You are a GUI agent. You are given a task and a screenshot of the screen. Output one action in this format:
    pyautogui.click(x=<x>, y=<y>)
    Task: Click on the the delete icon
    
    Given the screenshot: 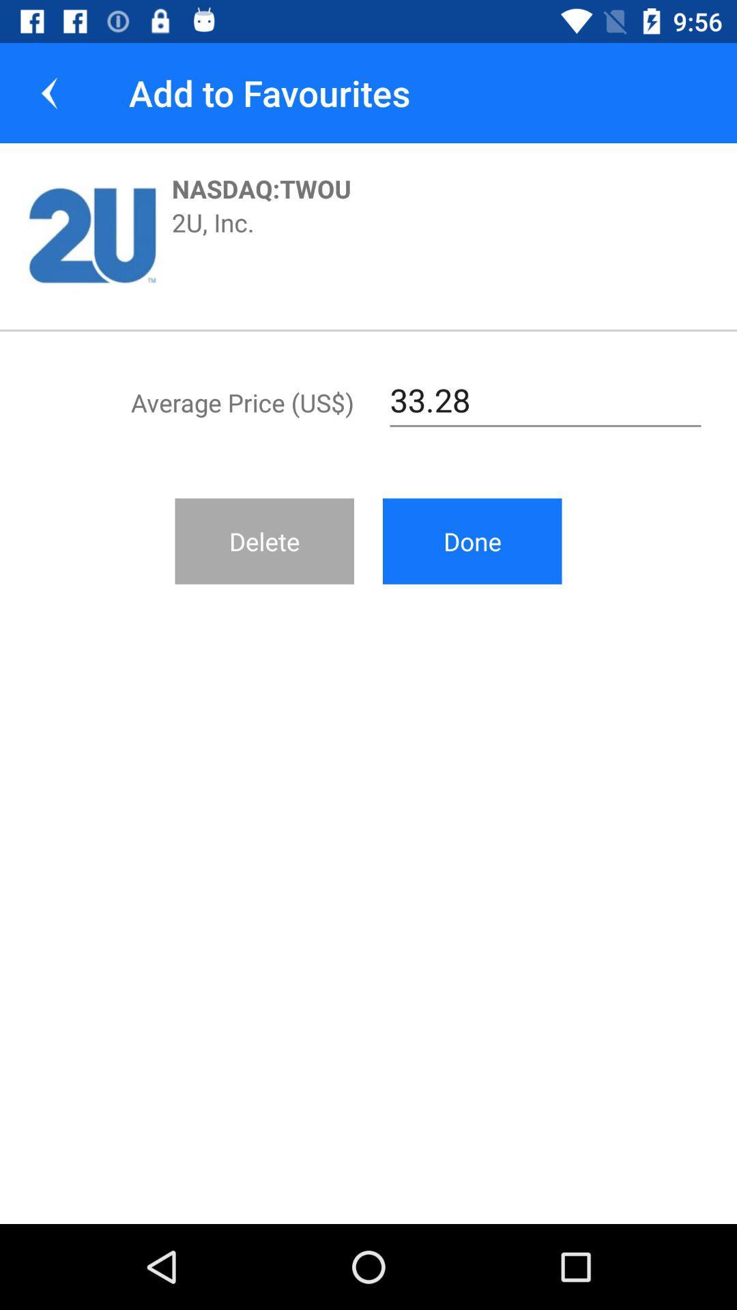 What is the action you would take?
    pyautogui.click(x=264, y=540)
    